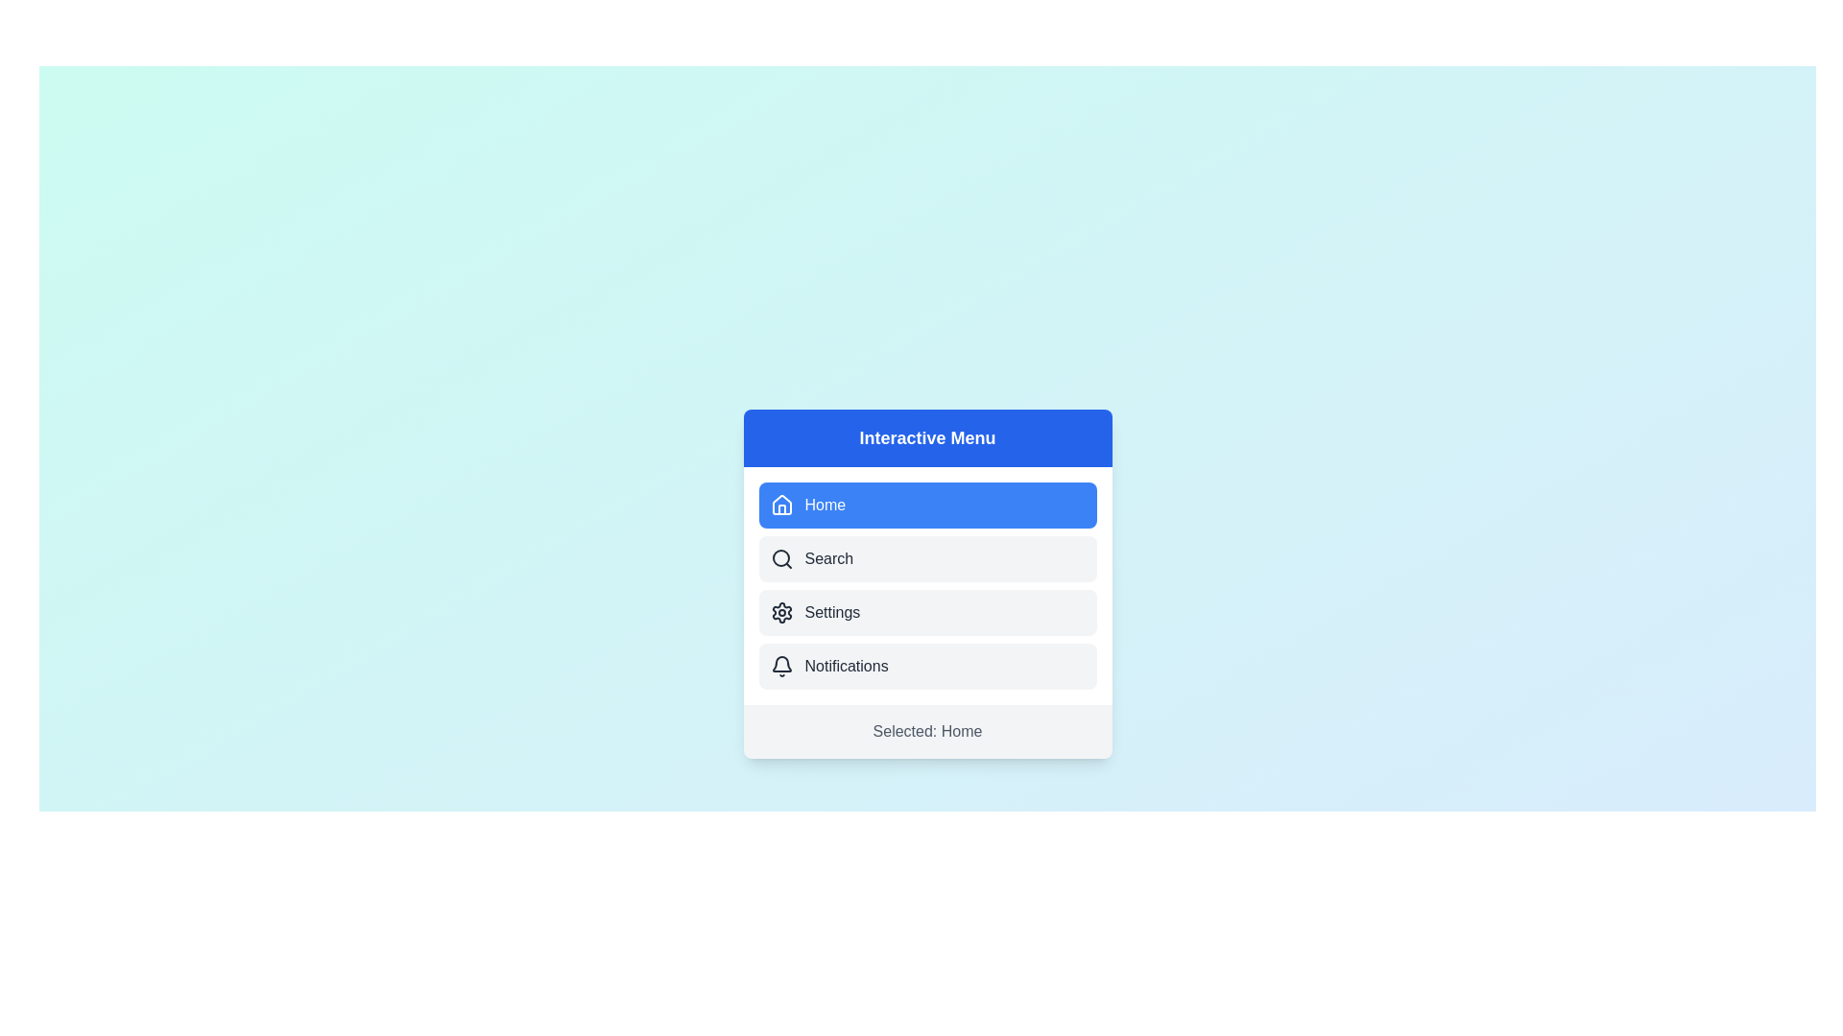 The image size is (1843, 1036). I want to click on the menu item Notifications from the menu, so click(927, 665).